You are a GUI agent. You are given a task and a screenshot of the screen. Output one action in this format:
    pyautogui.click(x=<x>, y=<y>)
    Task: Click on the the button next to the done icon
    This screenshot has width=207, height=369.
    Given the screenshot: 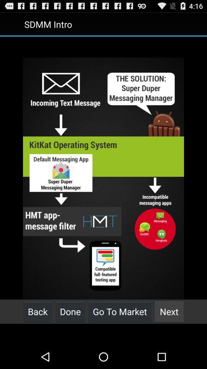 What is the action you would take?
    pyautogui.click(x=37, y=311)
    